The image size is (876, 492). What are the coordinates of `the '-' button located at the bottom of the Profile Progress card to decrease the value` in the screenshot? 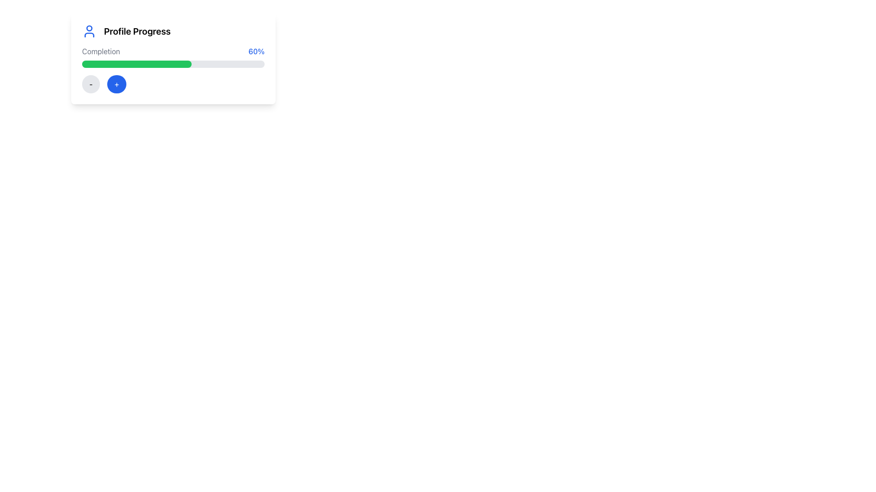 It's located at (173, 58).